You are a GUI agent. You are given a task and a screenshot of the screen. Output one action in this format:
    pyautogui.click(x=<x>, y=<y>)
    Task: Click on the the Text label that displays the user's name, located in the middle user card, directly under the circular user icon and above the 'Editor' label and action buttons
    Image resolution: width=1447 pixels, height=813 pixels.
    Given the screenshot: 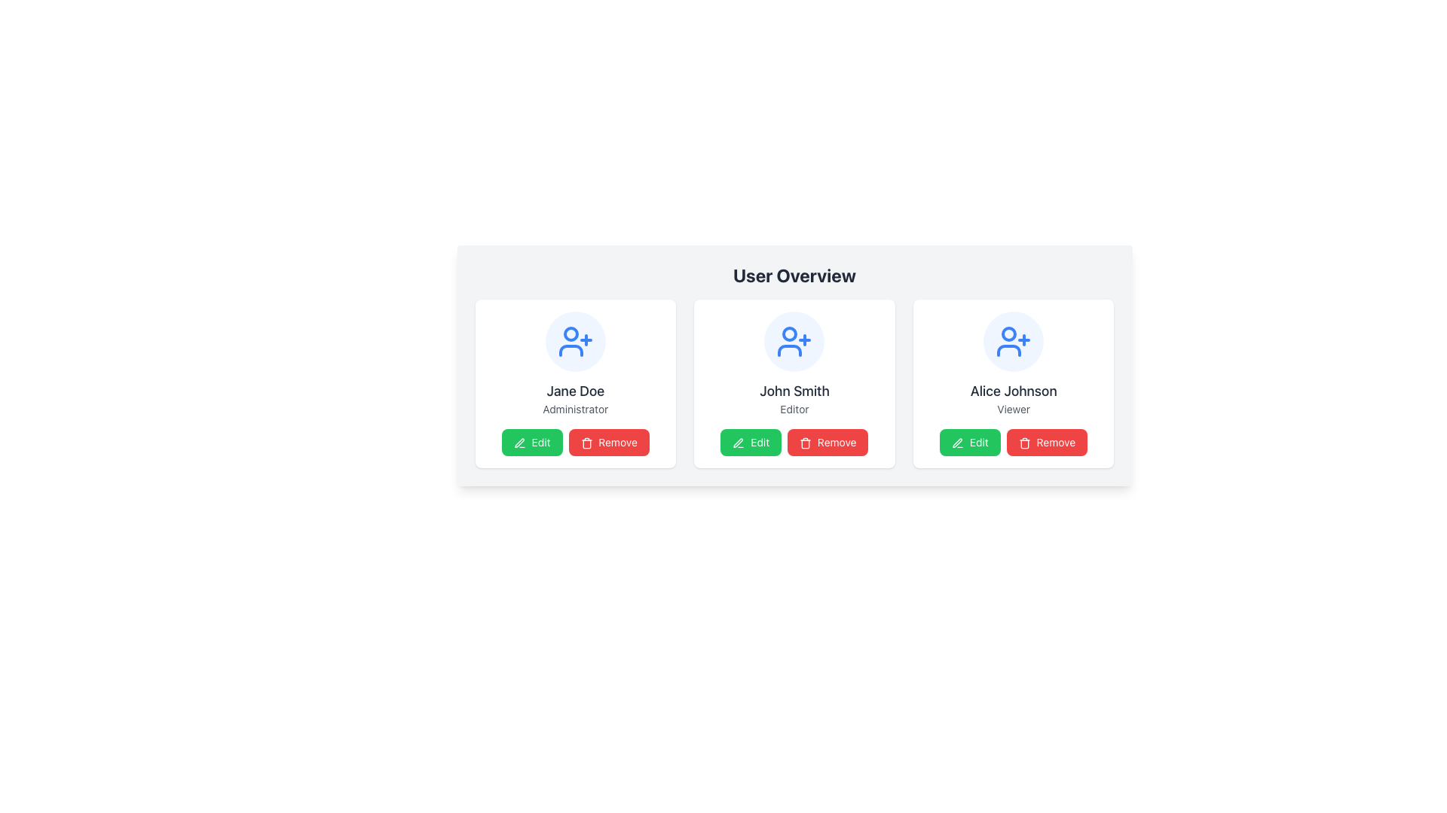 What is the action you would take?
    pyautogui.click(x=794, y=391)
    